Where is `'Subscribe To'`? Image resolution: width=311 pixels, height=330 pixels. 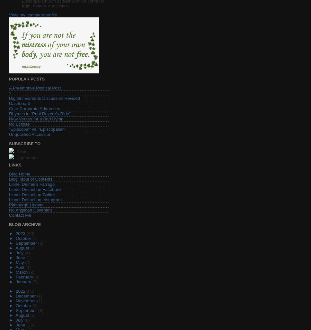 'Subscribe To' is located at coordinates (24, 143).